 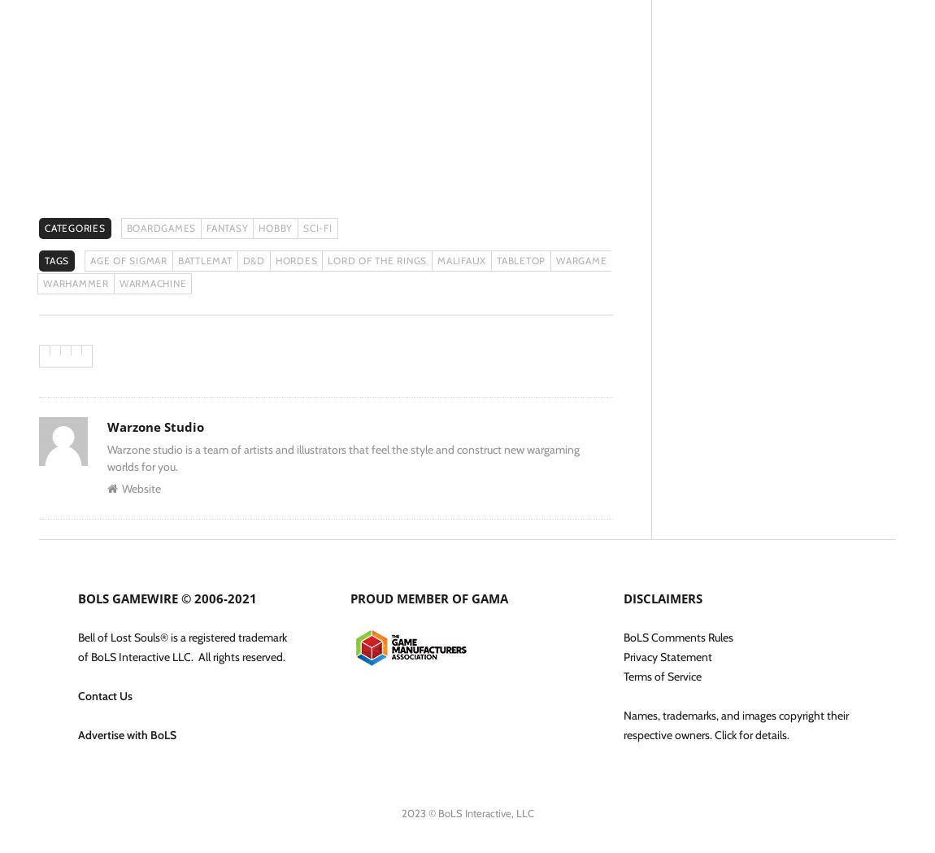 What do you see at coordinates (295, 260) in the screenshot?
I see `'hordes'` at bounding box center [295, 260].